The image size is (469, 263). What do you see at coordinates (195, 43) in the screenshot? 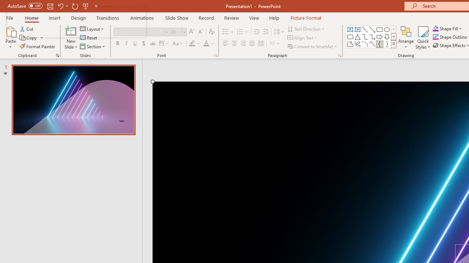
I see `'Text Highlight Color'` at bounding box center [195, 43].